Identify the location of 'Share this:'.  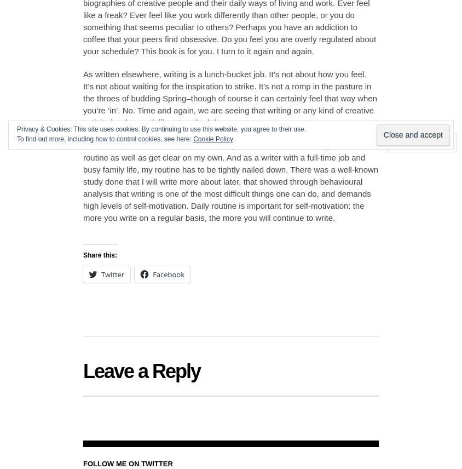
(83, 255).